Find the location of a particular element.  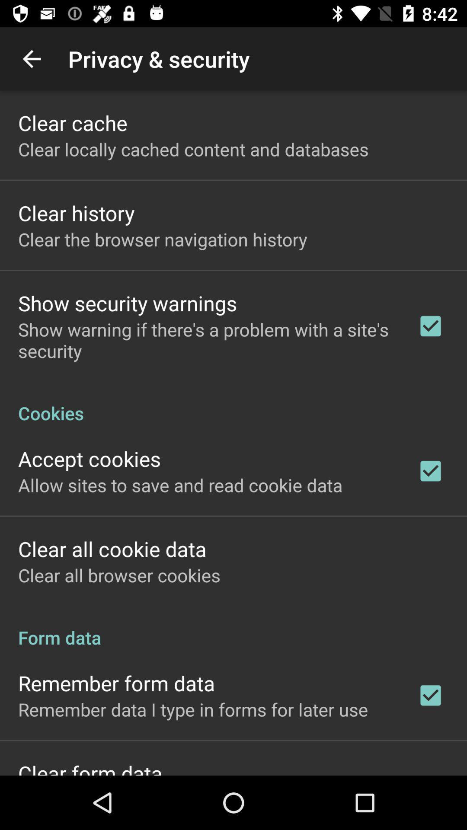

icon above the cookies app is located at coordinates (206, 339).